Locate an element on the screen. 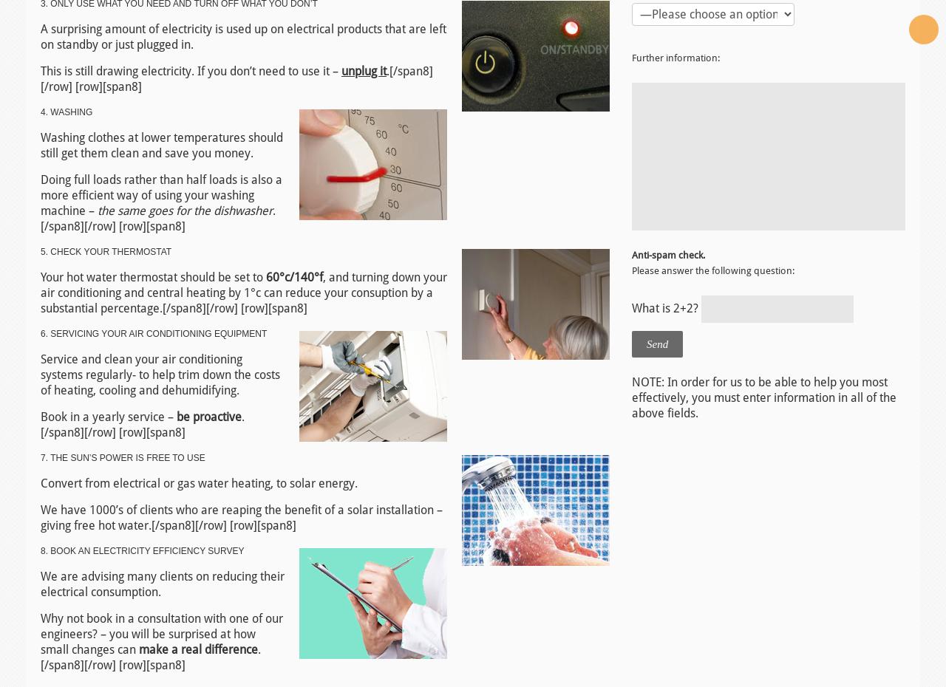 The width and height of the screenshot is (946, 687). ', and turning down your air conditioning and central heating by 1°c can reduce your consuption by a substantial percentage.[/span8][/row]
[row][span8]' is located at coordinates (243, 292).